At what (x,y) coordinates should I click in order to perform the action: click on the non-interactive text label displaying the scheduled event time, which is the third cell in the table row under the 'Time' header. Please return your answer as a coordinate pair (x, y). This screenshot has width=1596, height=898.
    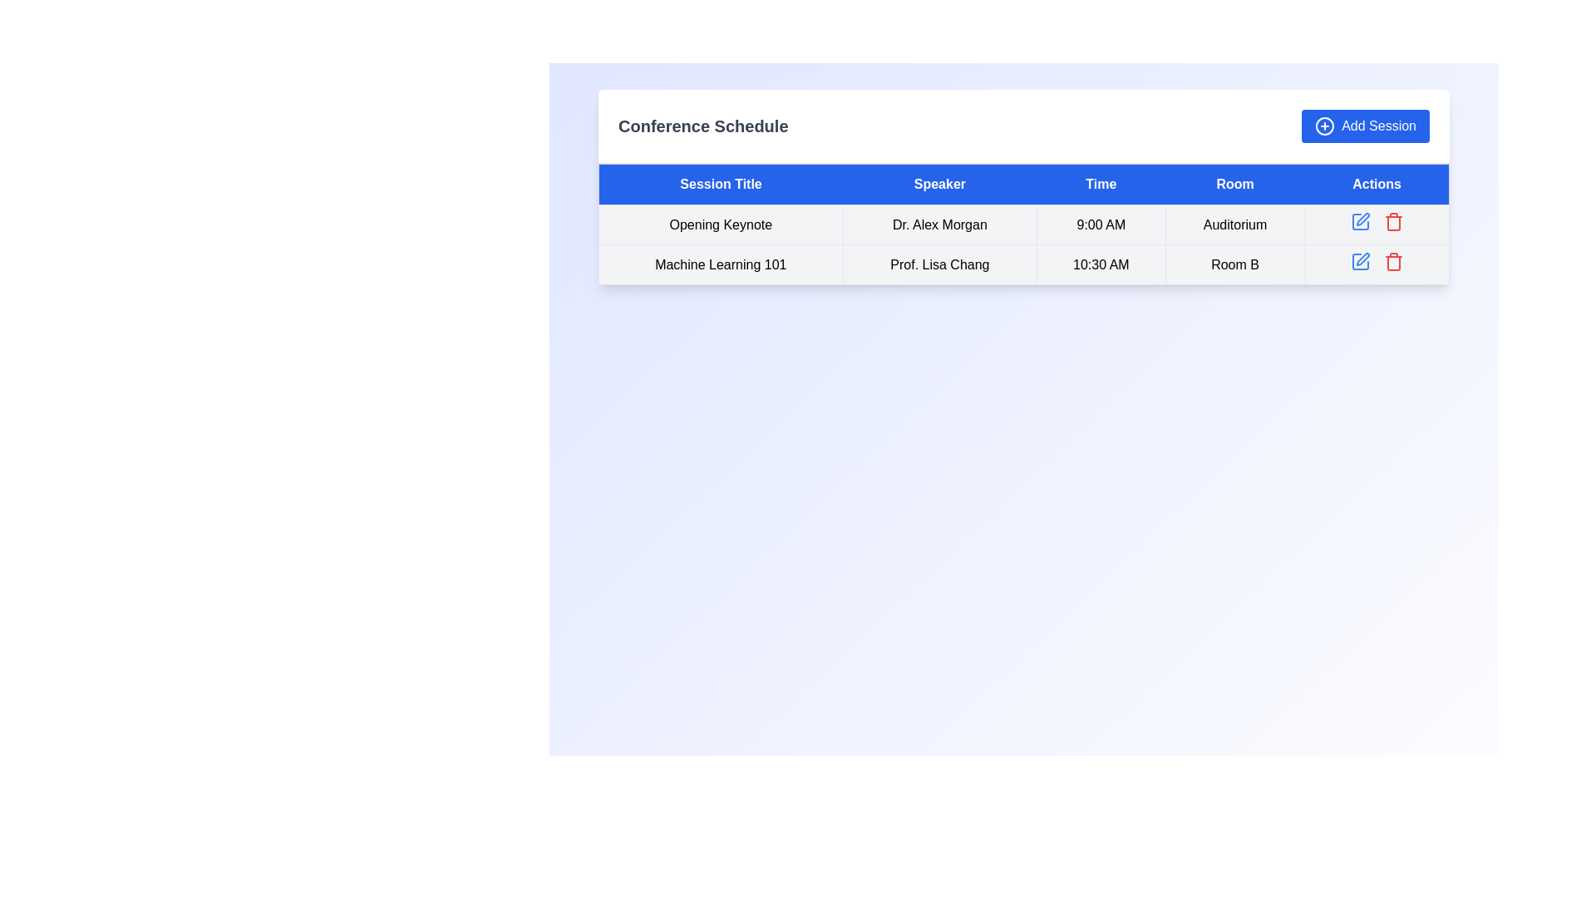
    Looking at the image, I should click on (1101, 224).